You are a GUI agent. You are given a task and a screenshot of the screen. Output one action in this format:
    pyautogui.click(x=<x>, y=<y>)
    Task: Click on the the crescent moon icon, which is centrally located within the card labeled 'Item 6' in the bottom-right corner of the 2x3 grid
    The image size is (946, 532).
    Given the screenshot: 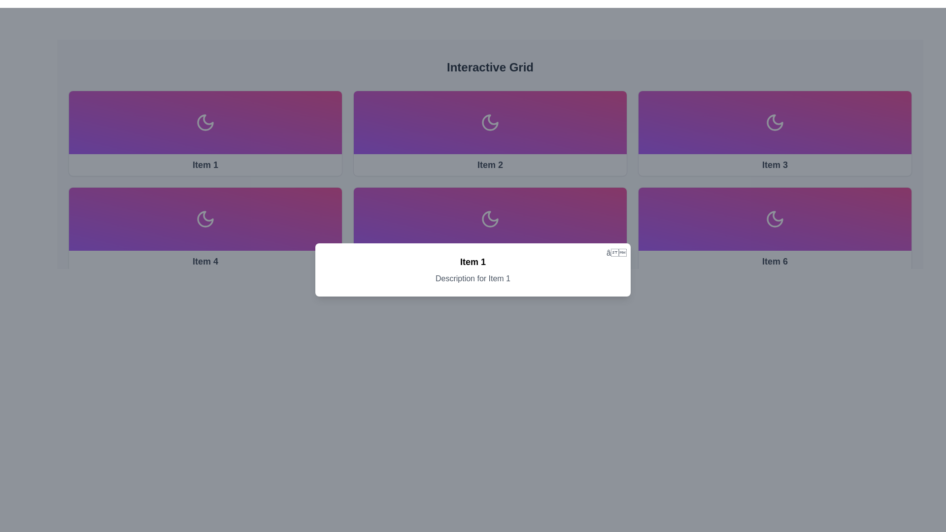 What is the action you would take?
    pyautogui.click(x=775, y=218)
    